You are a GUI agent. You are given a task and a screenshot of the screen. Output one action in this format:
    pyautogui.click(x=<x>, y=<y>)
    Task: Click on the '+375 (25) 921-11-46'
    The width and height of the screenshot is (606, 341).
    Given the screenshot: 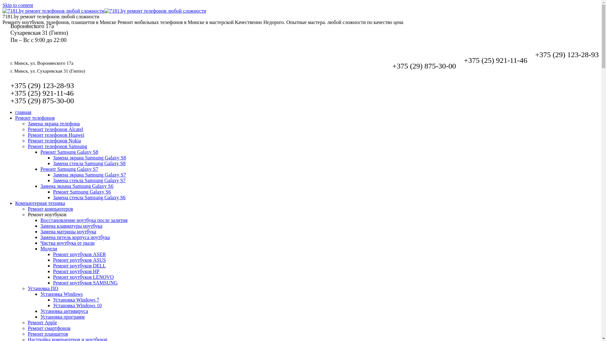 What is the action you would take?
    pyautogui.click(x=42, y=93)
    